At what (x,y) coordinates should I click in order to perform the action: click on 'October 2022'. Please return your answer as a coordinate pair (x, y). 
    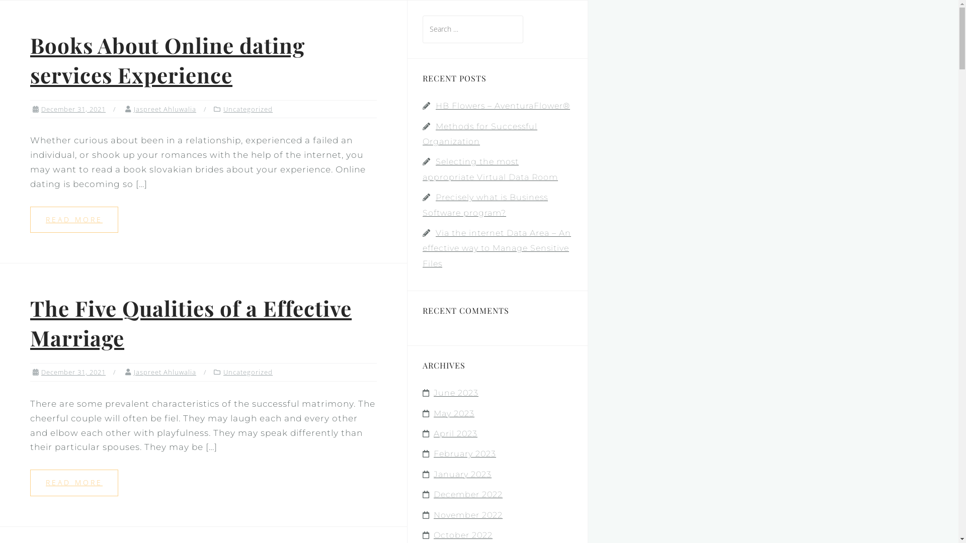
    Looking at the image, I should click on (462, 534).